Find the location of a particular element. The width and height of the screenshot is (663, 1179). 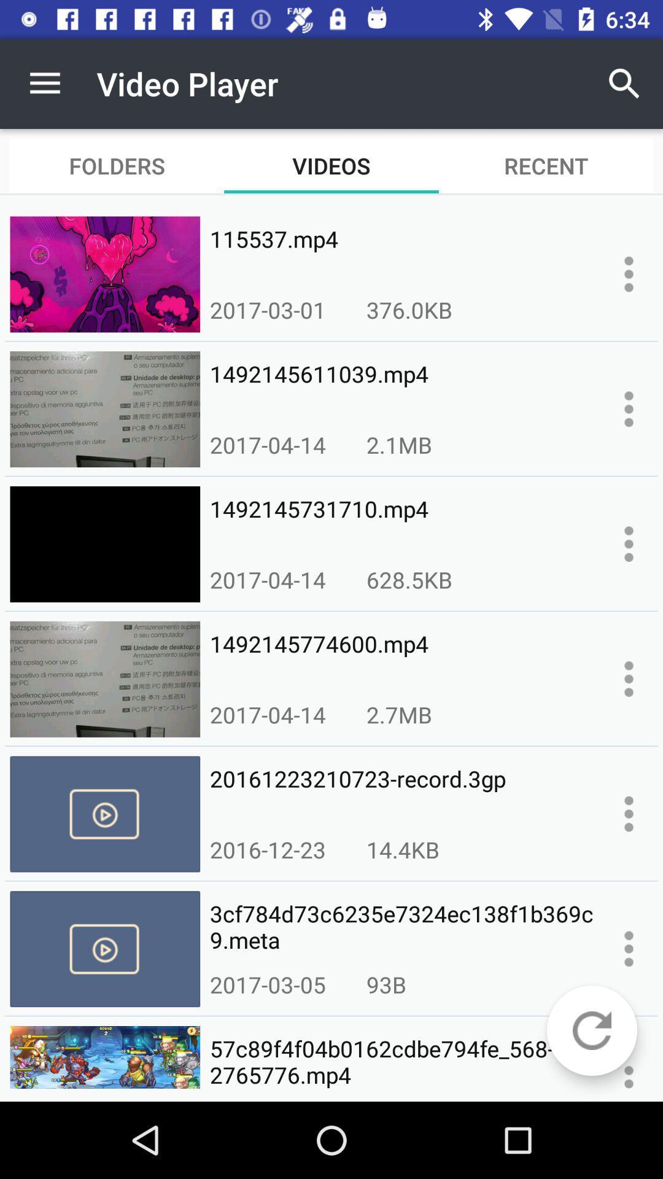

item below 20161223210723-record.3gp item is located at coordinates (403, 849).